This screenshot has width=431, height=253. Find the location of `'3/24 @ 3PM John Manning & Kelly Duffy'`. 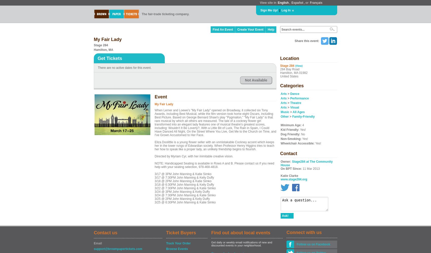

'3/24 @ 3PM John Manning & Kelly Duffy' is located at coordinates (182, 192).